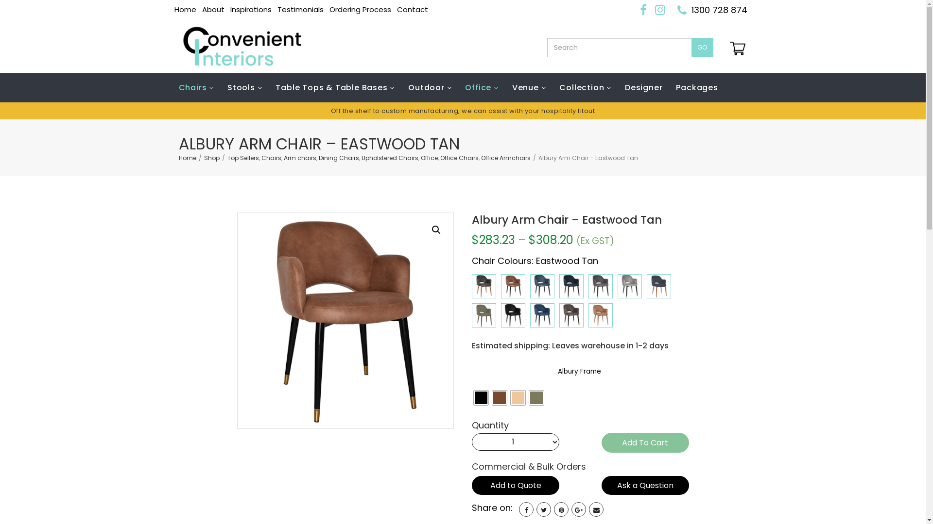  What do you see at coordinates (630, 286) in the screenshot?
I see `'Albury Arm Chair - Gravity Steel'` at bounding box center [630, 286].